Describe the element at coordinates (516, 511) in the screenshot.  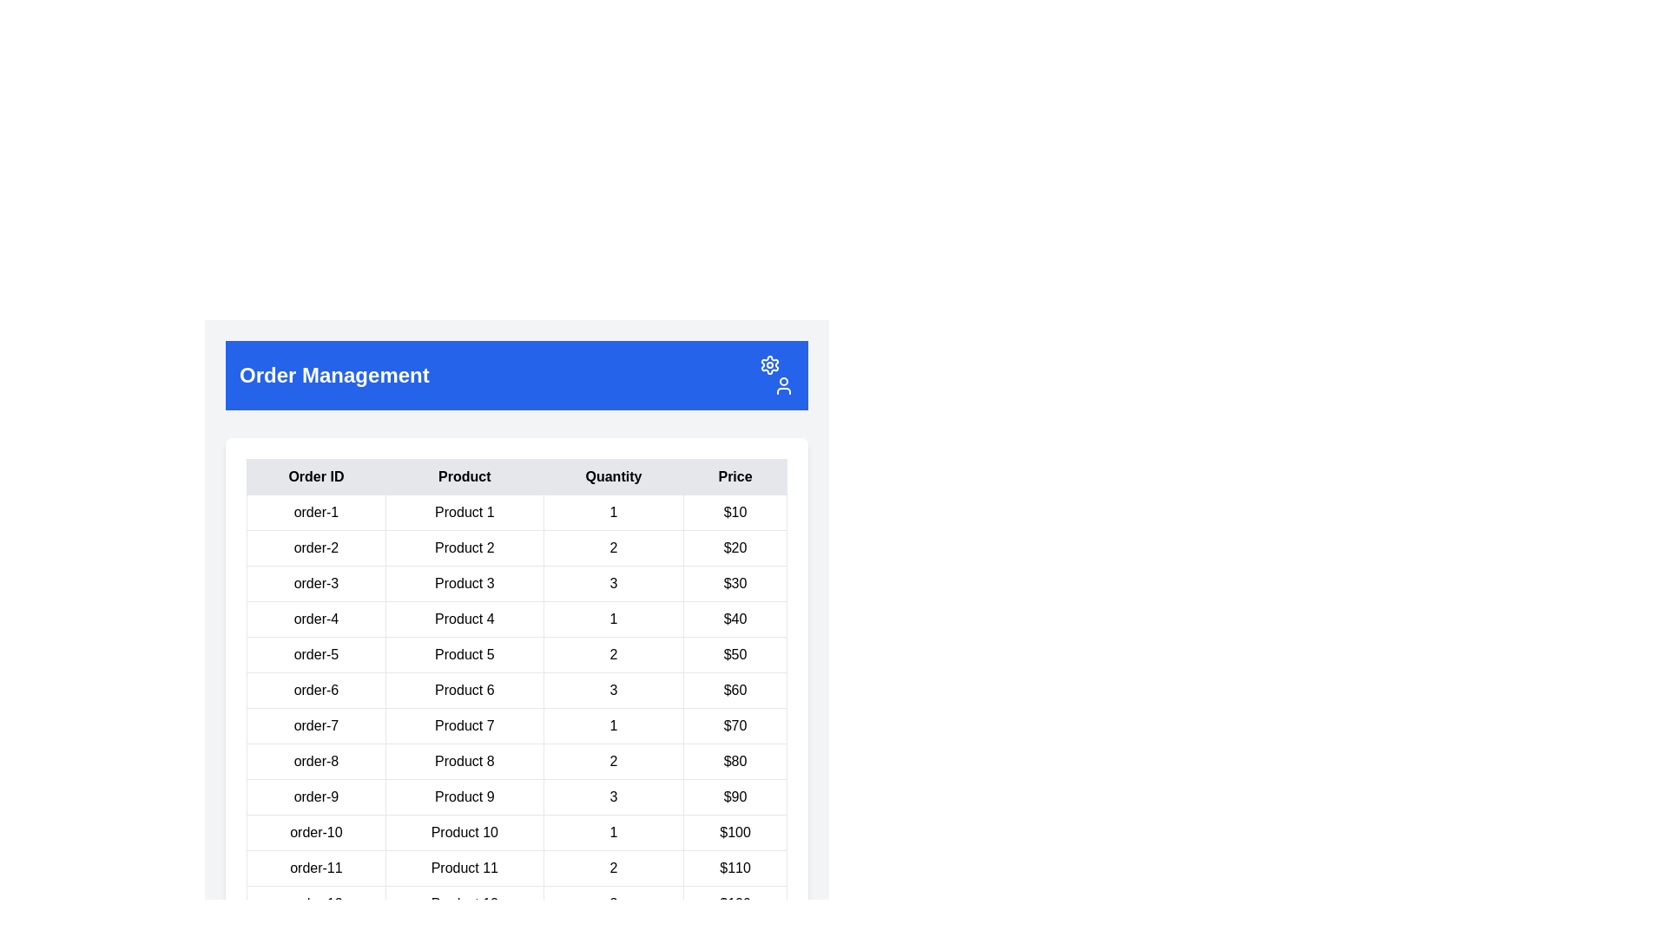
I see `the first data row in the table` at that location.